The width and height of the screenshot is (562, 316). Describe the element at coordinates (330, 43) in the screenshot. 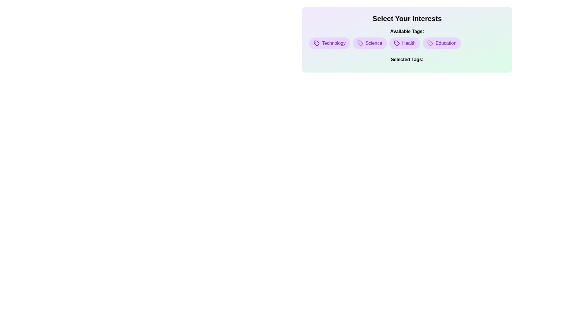

I see `the pill-shaped button labeled 'Technology' with a purple background` at that location.